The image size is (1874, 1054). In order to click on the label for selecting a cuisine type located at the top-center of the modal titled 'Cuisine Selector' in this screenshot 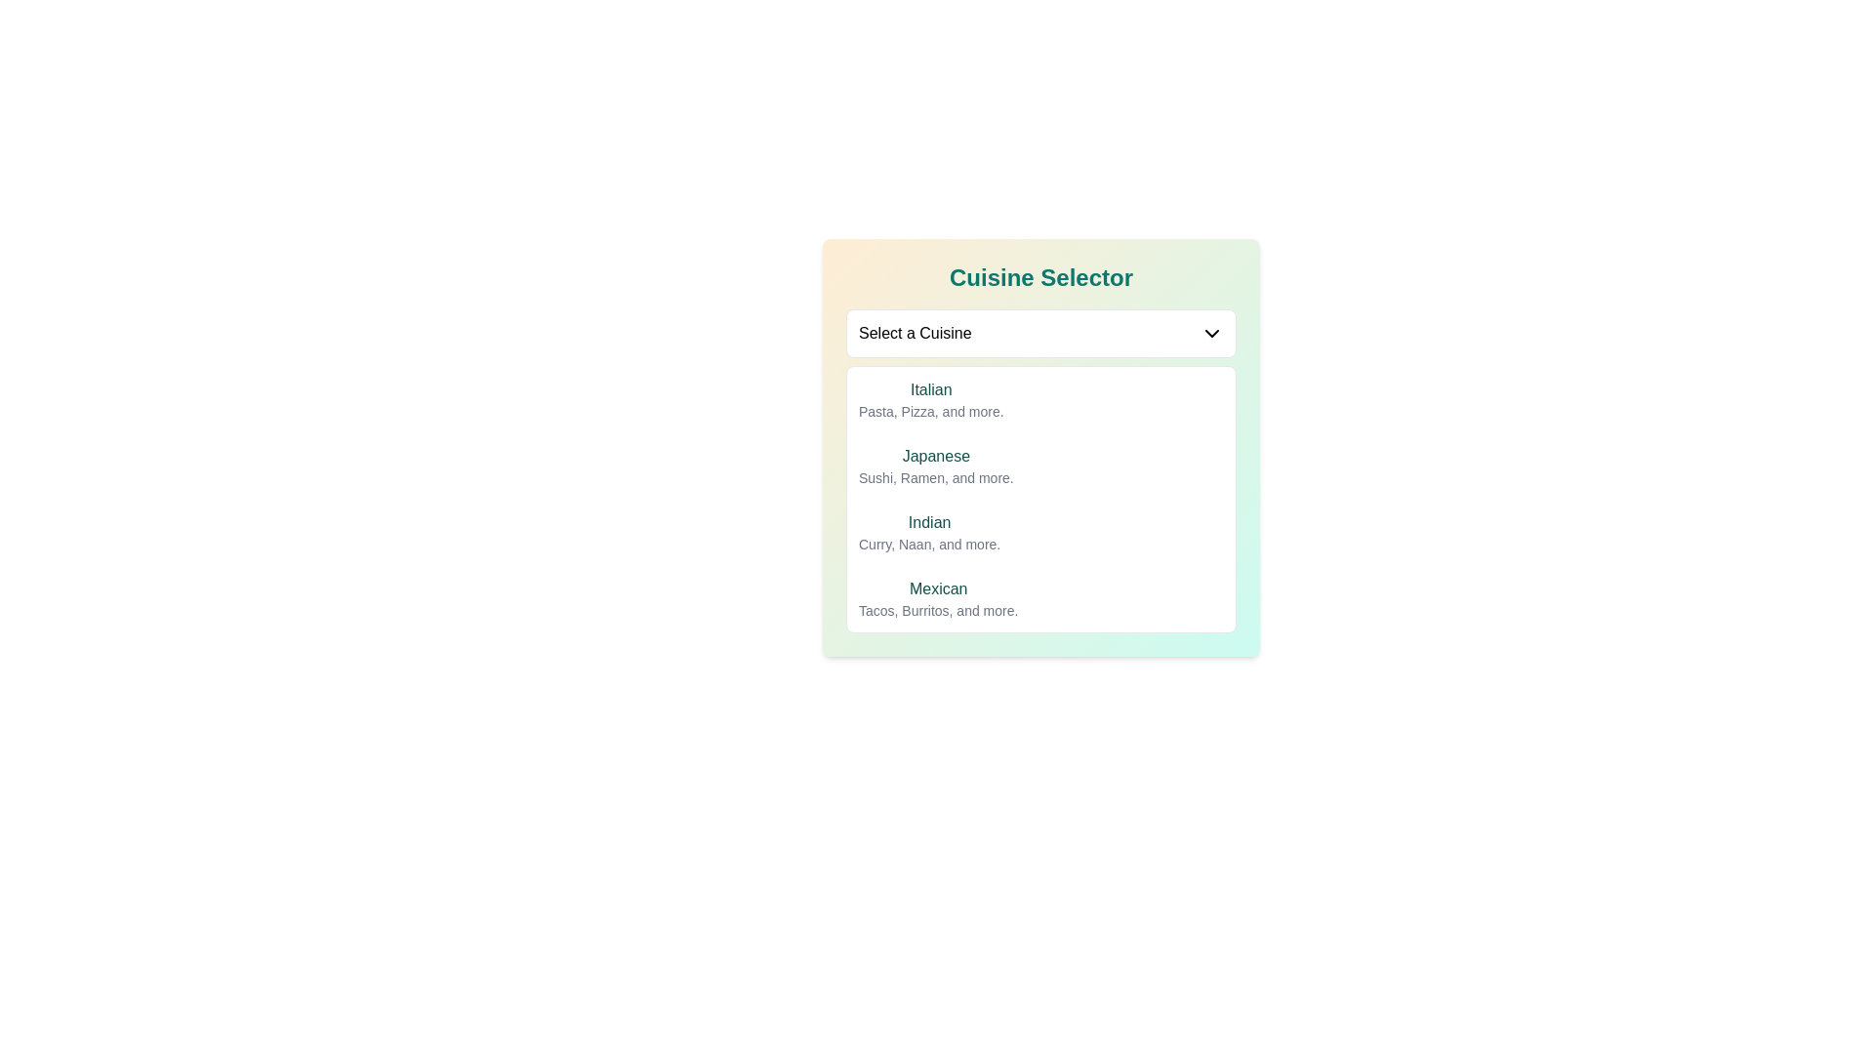, I will do `click(914, 333)`.